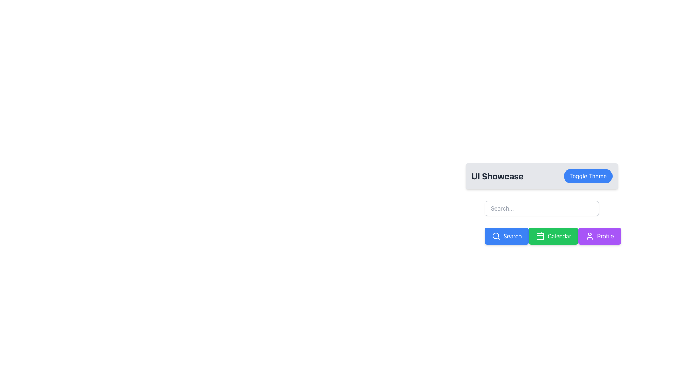 This screenshot has height=390, width=693. What do you see at coordinates (540, 236) in the screenshot?
I see `the calendar icon located in the second button of a horizontal row of three buttons at the bottom of the interface, which has a green rectangular background and is labeled 'Calendar'` at bounding box center [540, 236].